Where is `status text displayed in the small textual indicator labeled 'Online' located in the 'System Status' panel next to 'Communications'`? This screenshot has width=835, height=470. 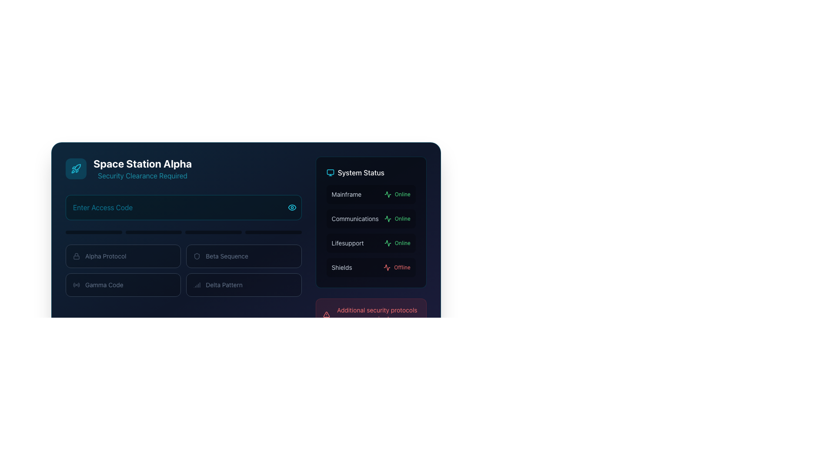
status text displayed in the small textual indicator labeled 'Online' located in the 'System Status' panel next to 'Communications' is located at coordinates (402, 218).